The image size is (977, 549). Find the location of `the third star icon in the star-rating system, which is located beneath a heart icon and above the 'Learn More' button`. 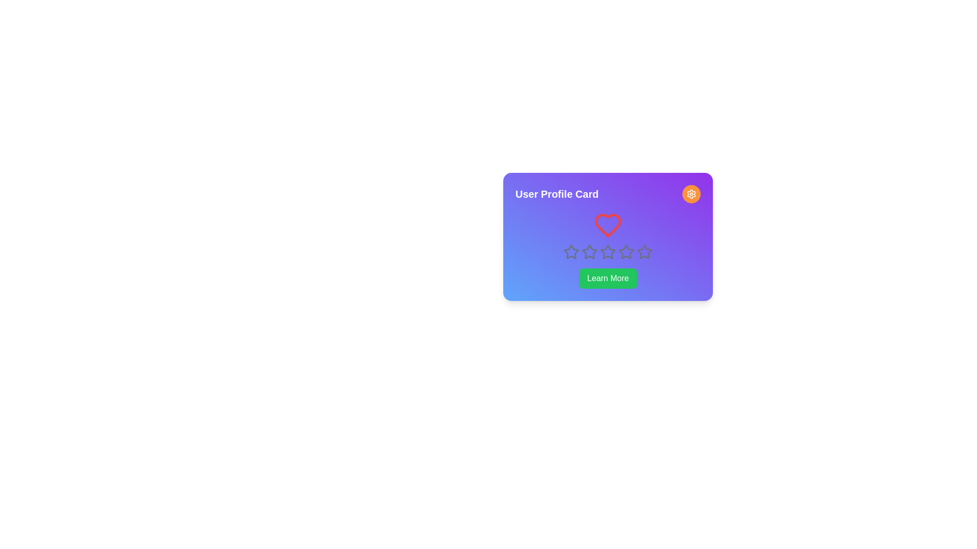

the third star icon in the star-rating system, which is located beneath a heart icon and above the 'Learn More' button is located at coordinates (608, 252).